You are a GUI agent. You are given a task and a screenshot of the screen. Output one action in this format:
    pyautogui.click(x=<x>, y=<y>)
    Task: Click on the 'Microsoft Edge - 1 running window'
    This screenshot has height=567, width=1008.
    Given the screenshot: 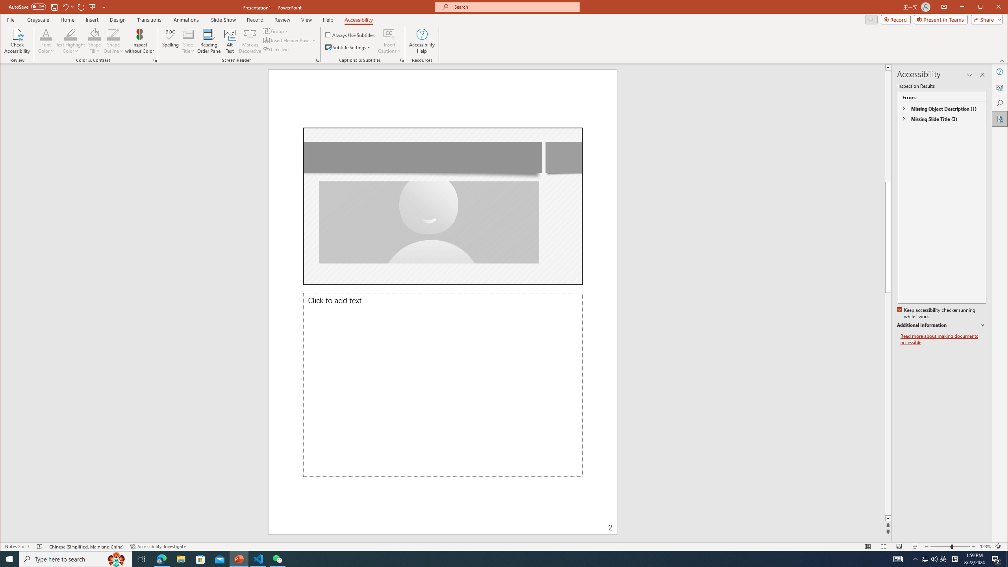 What is the action you would take?
    pyautogui.click(x=161, y=558)
    